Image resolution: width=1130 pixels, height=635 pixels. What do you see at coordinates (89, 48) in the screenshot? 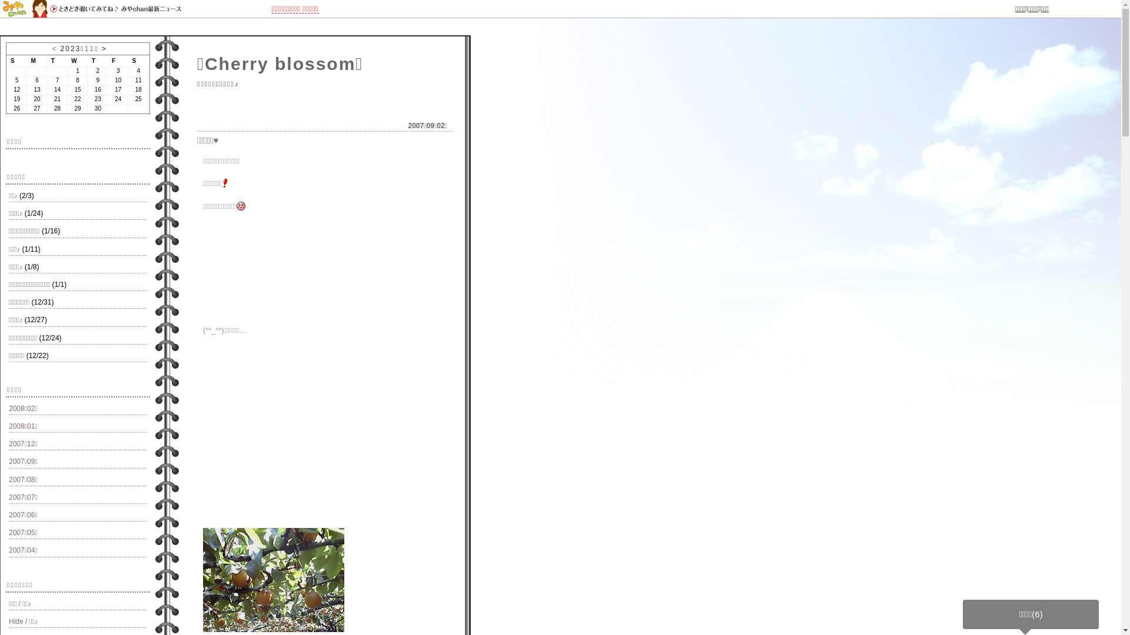
I see `'11'` at bounding box center [89, 48].